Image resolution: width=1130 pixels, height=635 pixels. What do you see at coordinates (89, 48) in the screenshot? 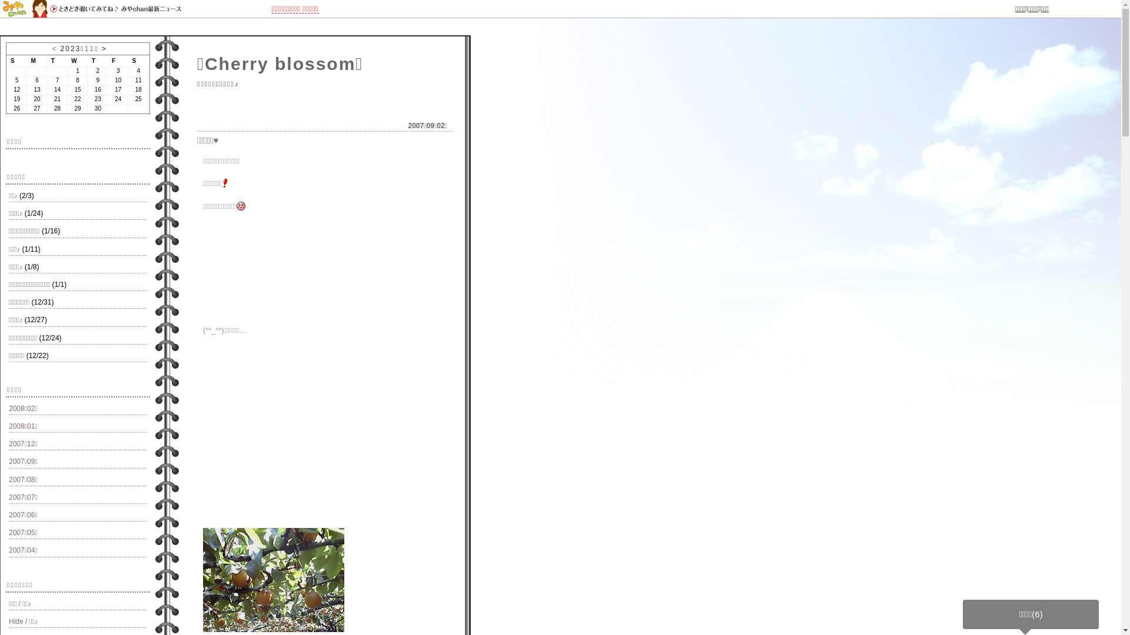
I see `'11'` at bounding box center [89, 48].